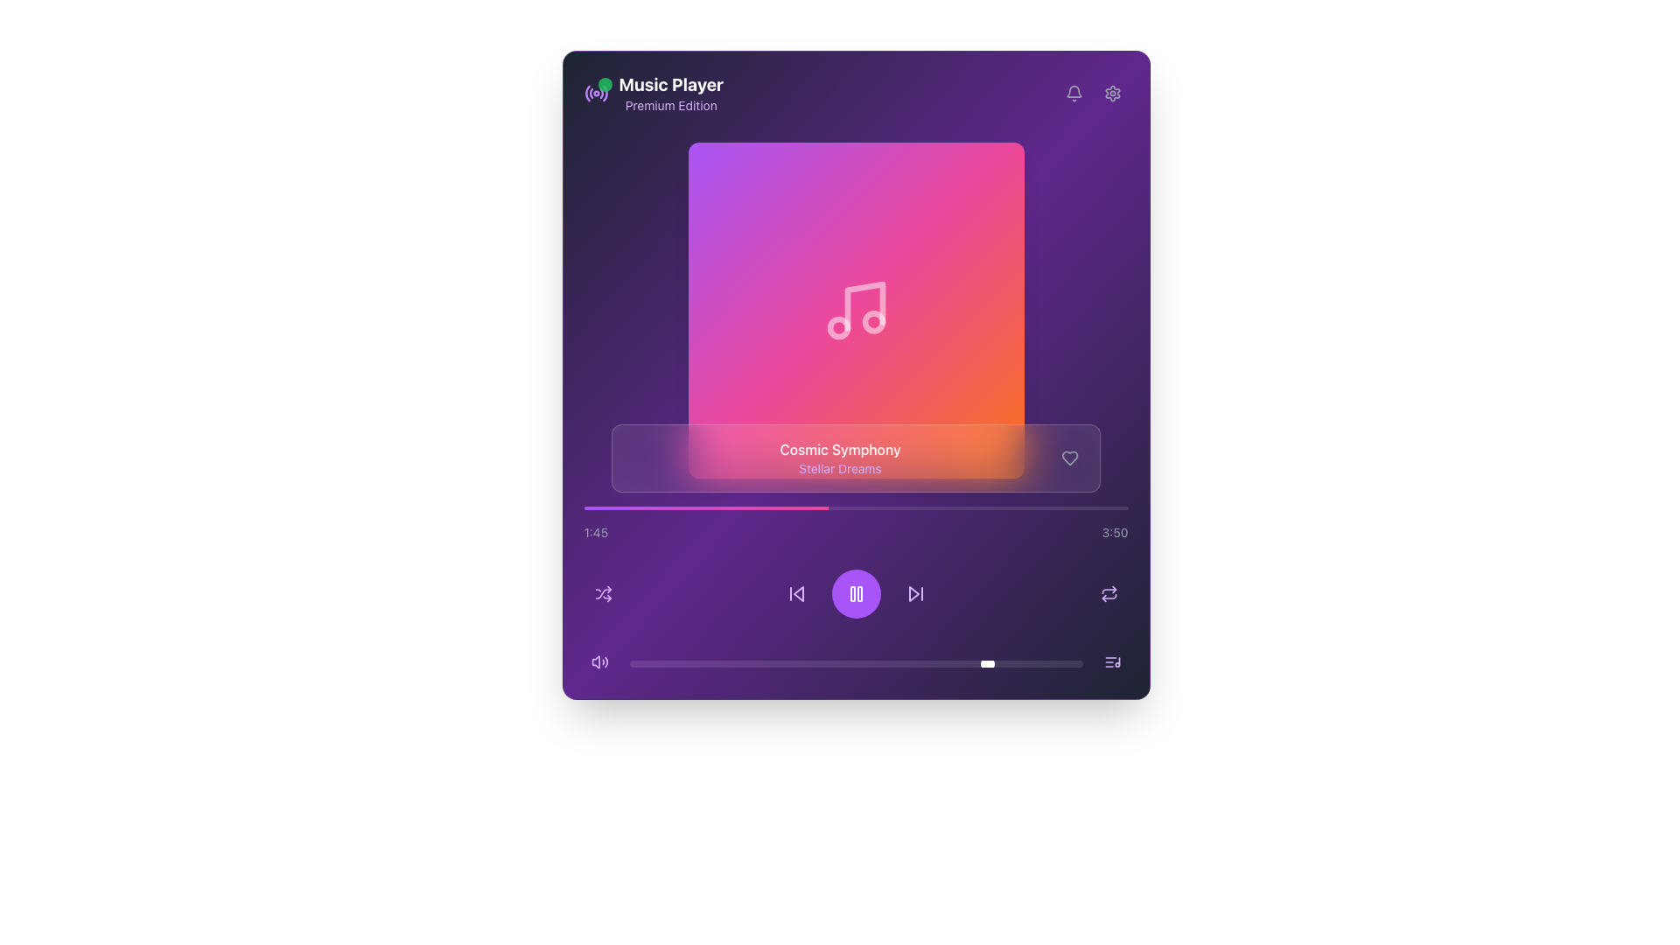 The height and width of the screenshot is (945, 1680). I want to click on the purple music note icon button located at the bottom right corner of the interface, so click(1111, 661).